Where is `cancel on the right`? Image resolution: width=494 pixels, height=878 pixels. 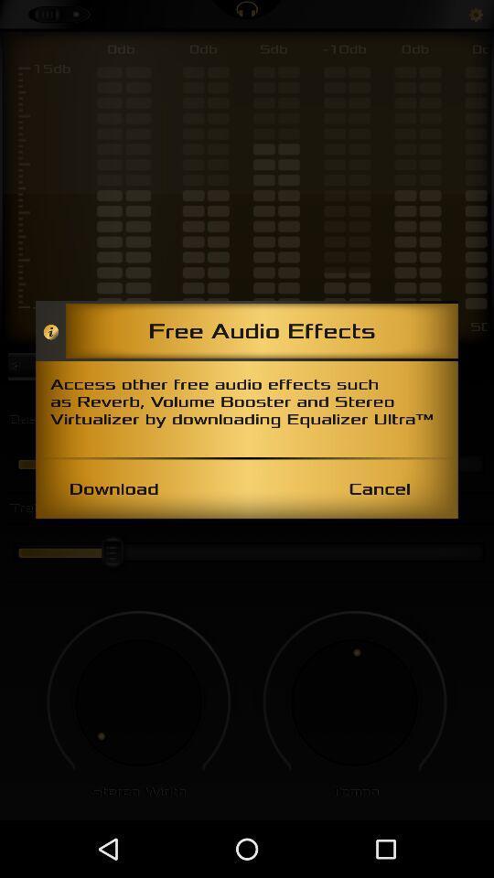 cancel on the right is located at coordinates (379, 487).